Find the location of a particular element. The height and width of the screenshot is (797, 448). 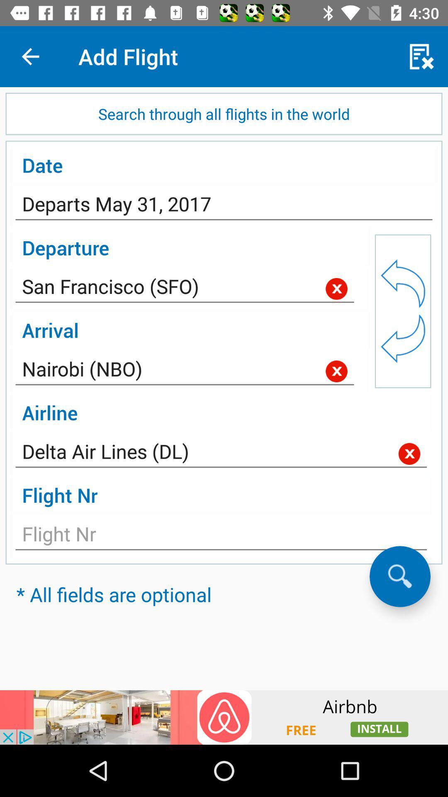

flight number section is located at coordinates (221, 536).